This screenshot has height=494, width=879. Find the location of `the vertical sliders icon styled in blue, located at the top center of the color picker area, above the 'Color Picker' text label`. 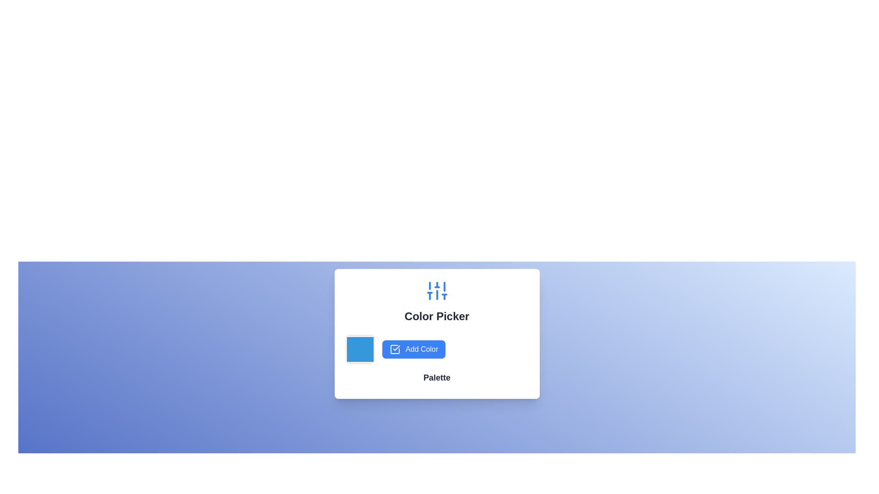

the vertical sliders icon styled in blue, located at the top center of the color picker area, above the 'Color Picker' text label is located at coordinates (436, 291).